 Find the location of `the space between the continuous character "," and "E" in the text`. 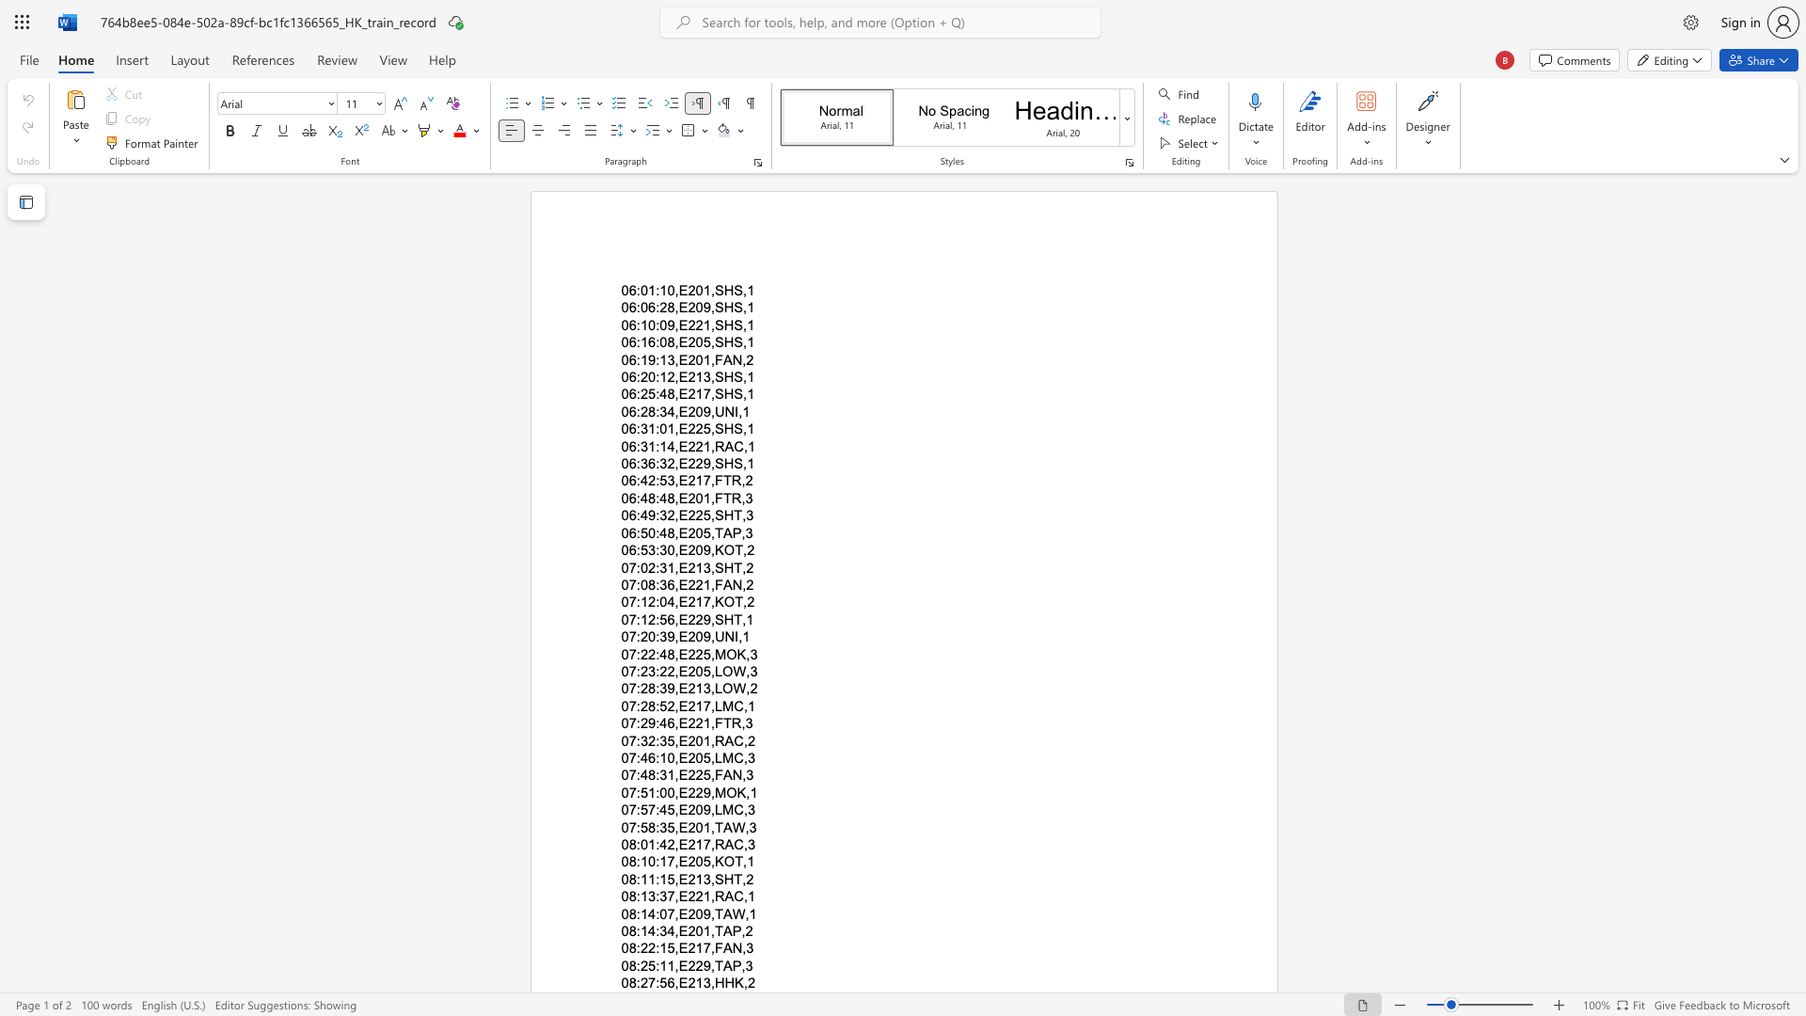

the space between the continuous character "," and "E" in the text is located at coordinates (679, 653).